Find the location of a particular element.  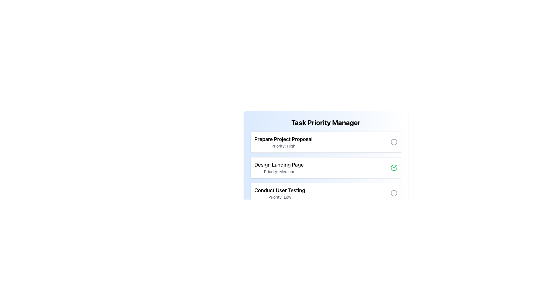

the static text label displaying the priority level of the task 'Design Landing Page', which is located below the task title in the task card for priority management is located at coordinates (279, 171).